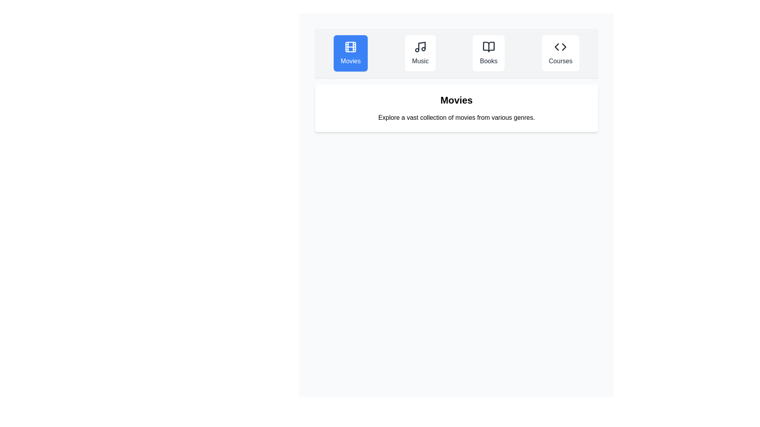 This screenshot has width=760, height=427. What do you see at coordinates (488, 53) in the screenshot?
I see `the Books tab to observe its hover effect` at bounding box center [488, 53].